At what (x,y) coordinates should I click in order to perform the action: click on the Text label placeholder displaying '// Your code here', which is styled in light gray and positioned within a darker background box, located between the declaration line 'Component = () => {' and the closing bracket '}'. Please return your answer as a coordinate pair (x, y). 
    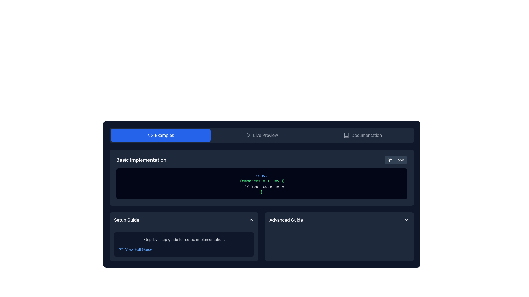
    Looking at the image, I should click on (261, 186).